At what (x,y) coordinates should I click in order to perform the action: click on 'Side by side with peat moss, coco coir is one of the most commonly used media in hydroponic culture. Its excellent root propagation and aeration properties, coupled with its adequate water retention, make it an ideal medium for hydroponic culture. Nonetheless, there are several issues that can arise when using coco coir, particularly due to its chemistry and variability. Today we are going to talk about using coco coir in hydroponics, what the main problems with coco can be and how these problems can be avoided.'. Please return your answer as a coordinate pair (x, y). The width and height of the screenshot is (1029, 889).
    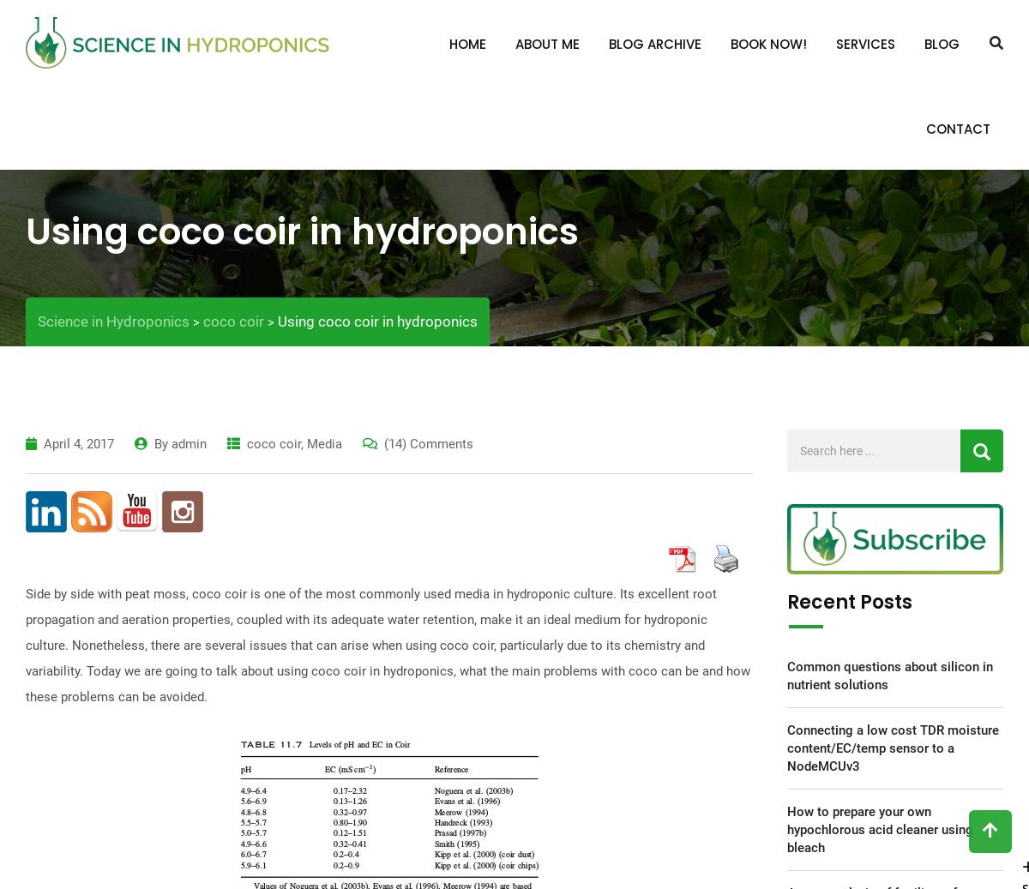
    Looking at the image, I should click on (387, 645).